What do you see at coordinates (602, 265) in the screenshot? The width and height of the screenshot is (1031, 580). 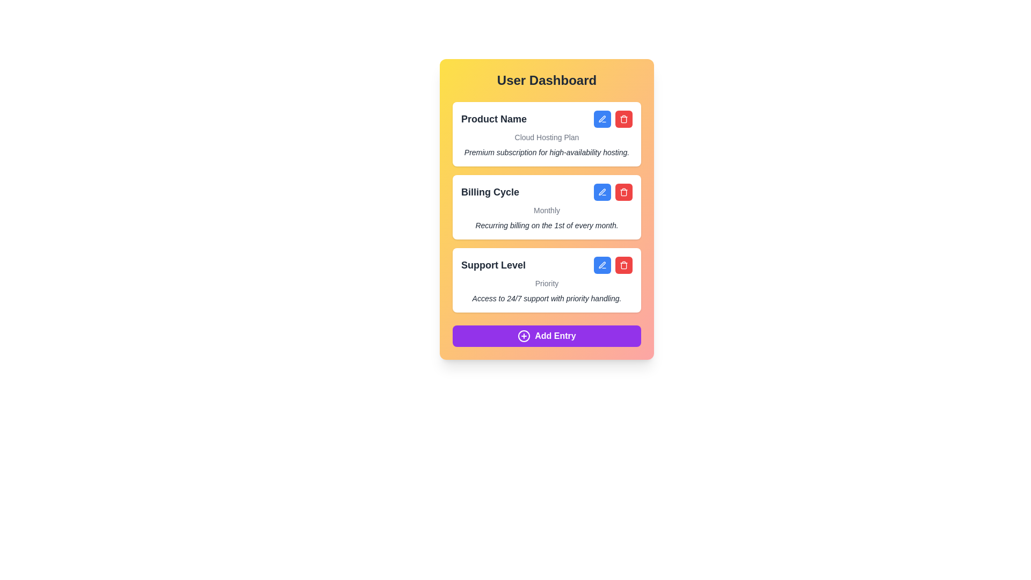 I see `the pen icon button with a blue background located in the last row of editable entries on the user dashboard` at bounding box center [602, 265].